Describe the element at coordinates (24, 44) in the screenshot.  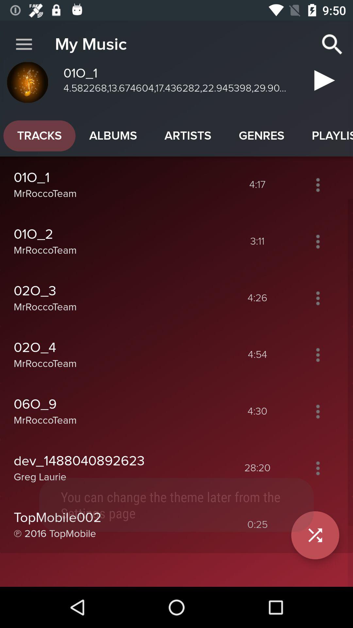
I see `icon next to my music` at that location.